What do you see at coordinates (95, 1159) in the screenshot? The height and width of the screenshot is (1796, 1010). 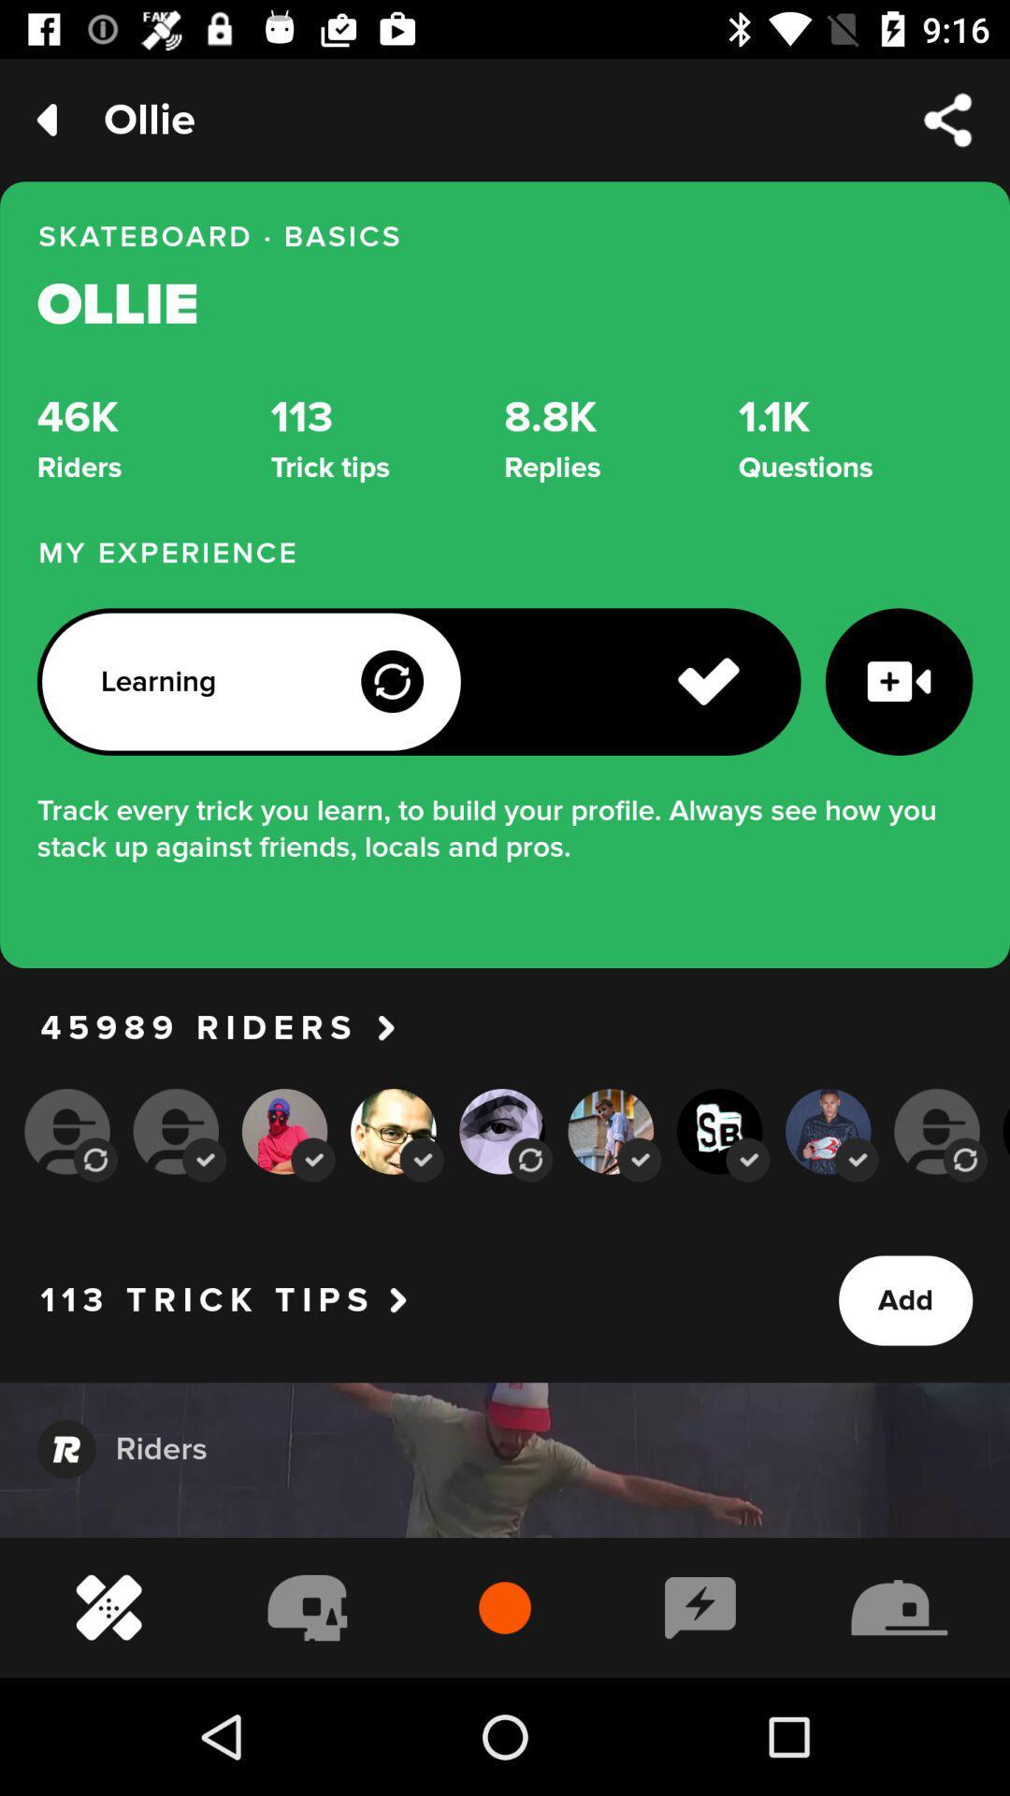 I see `the first auto rotate icon which is below 45989 riders on page` at bounding box center [95, 1159].